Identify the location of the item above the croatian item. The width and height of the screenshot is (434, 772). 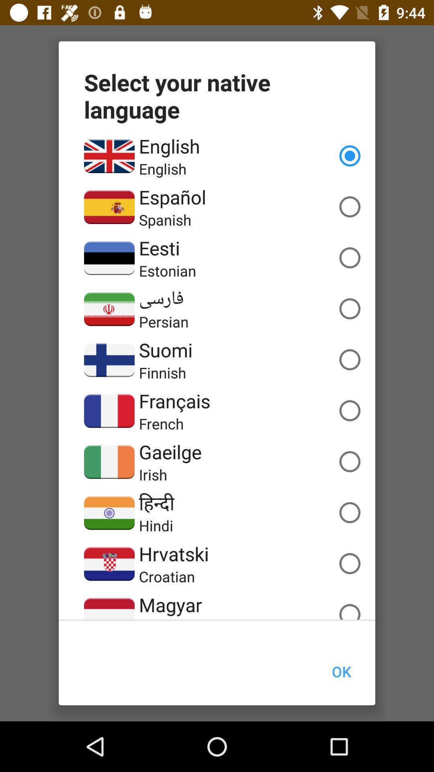
(173, 553).